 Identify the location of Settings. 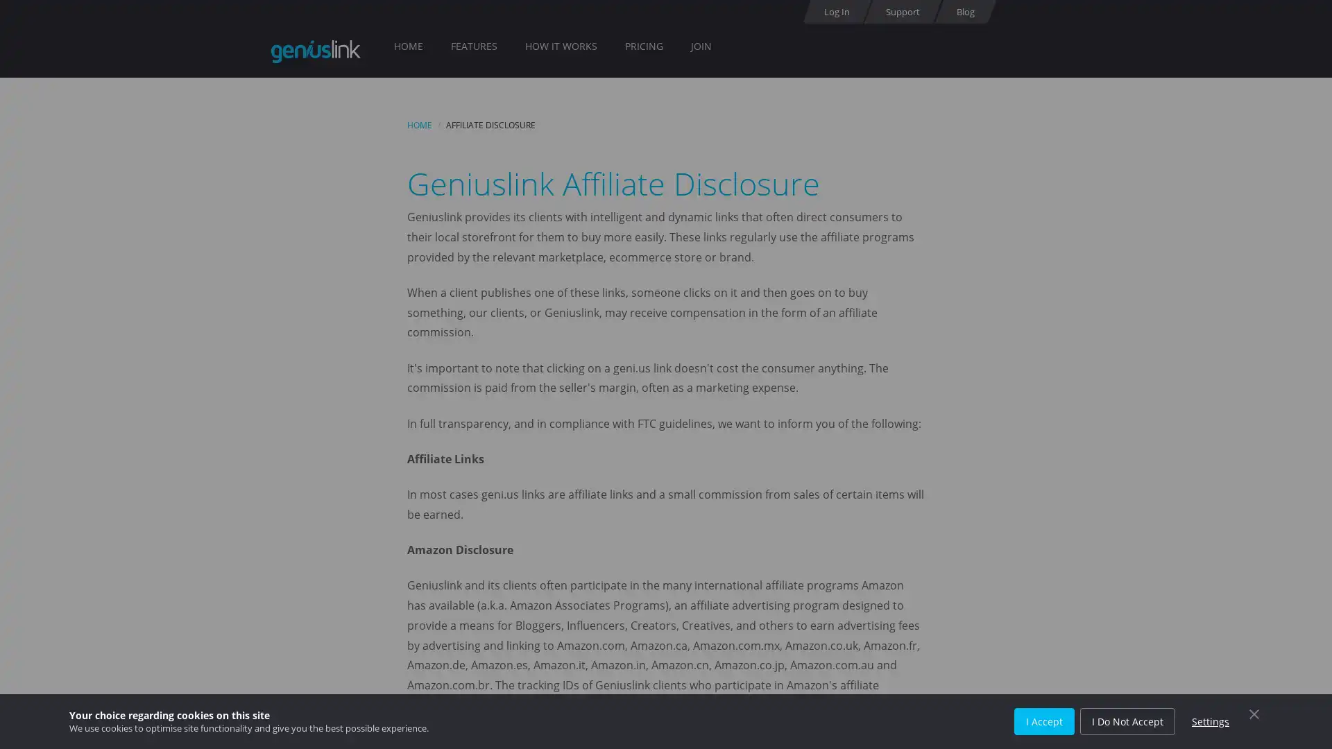
(1210, 721).